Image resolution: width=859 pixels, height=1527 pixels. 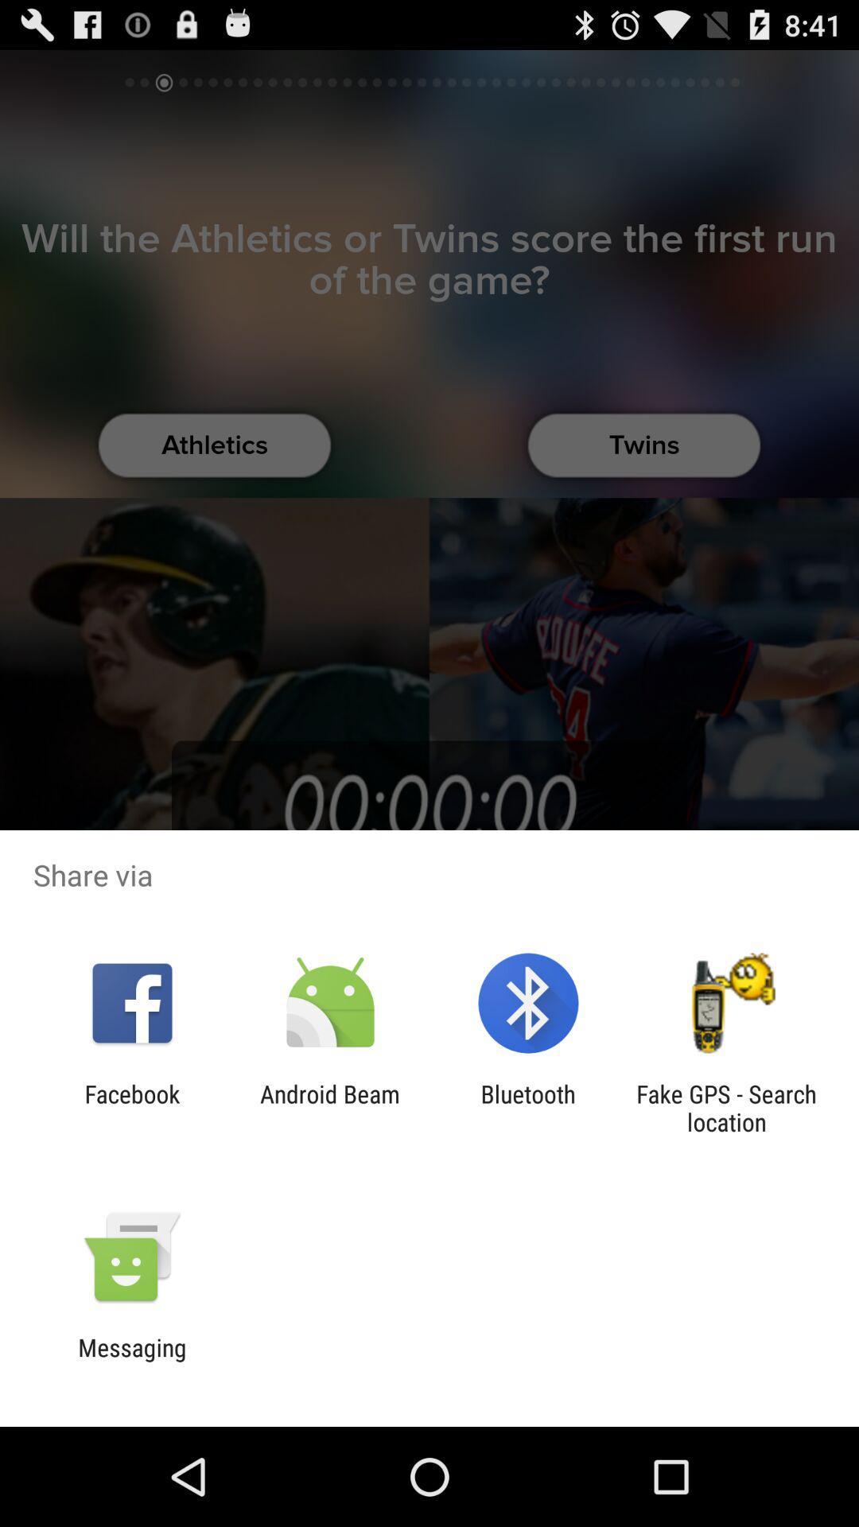 What do you see at coordinates (329, 1107) in the screenshot?
I see `the app to the right of facebook` at bounding box center [329, 1107].